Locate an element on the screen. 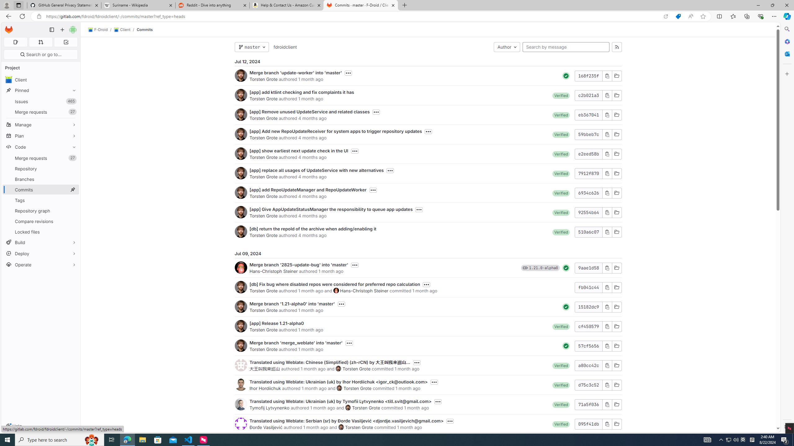 The width and height of the screenshot is (794, 446). 'Ihor Hordiichuk' is located at coordinates (240, 384).